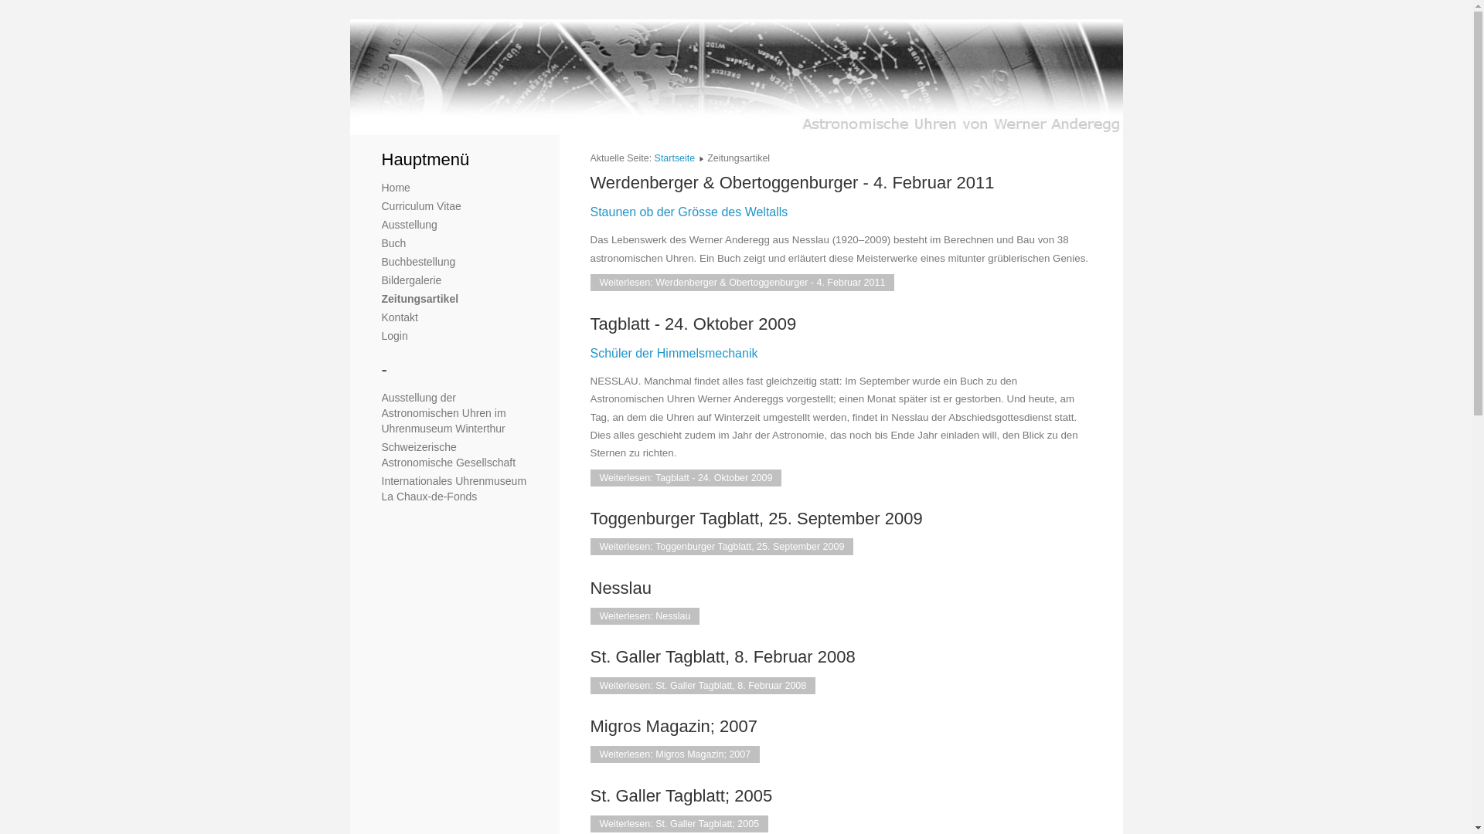 The image size is (1484, 834). Describe the element at coordinates (454, 488) in the screenshot. I see `'Internationales Uhrenmuseum La Chaux-de-Fonds'` at that location.